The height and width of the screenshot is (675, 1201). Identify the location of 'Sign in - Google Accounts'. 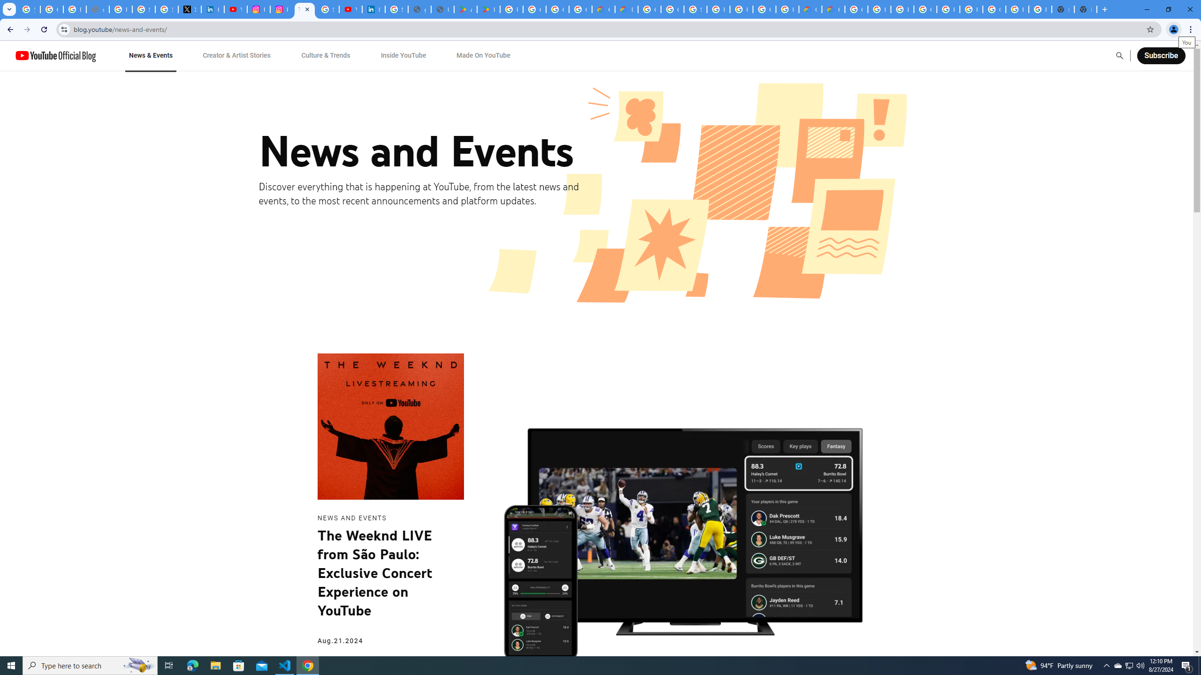
(327, 9).